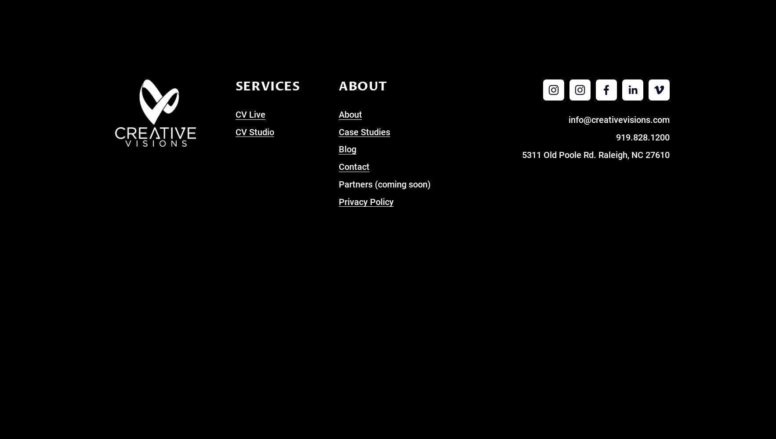  I want to click on 'Partners (coming soon)', so click(384, 184).